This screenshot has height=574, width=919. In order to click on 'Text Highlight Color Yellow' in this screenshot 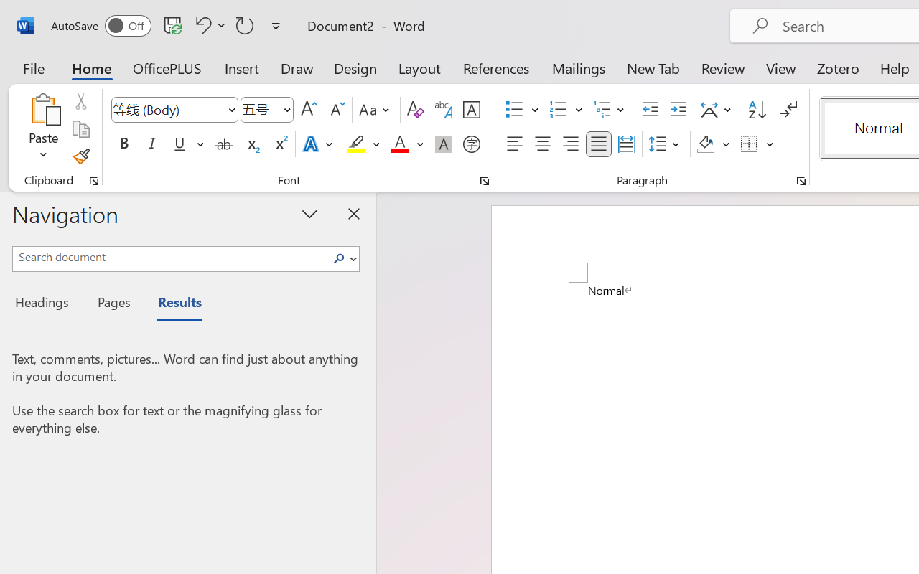, I will do `click(356, 144)`.